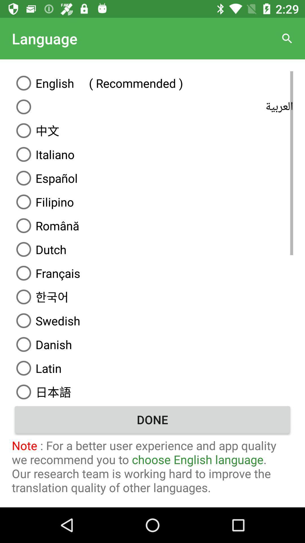 The height and width of the screenshot is (543, 305). Describe the element at coordinates (287, 38) in the screenshot. I see `the icon to the right of the language item` at that location.